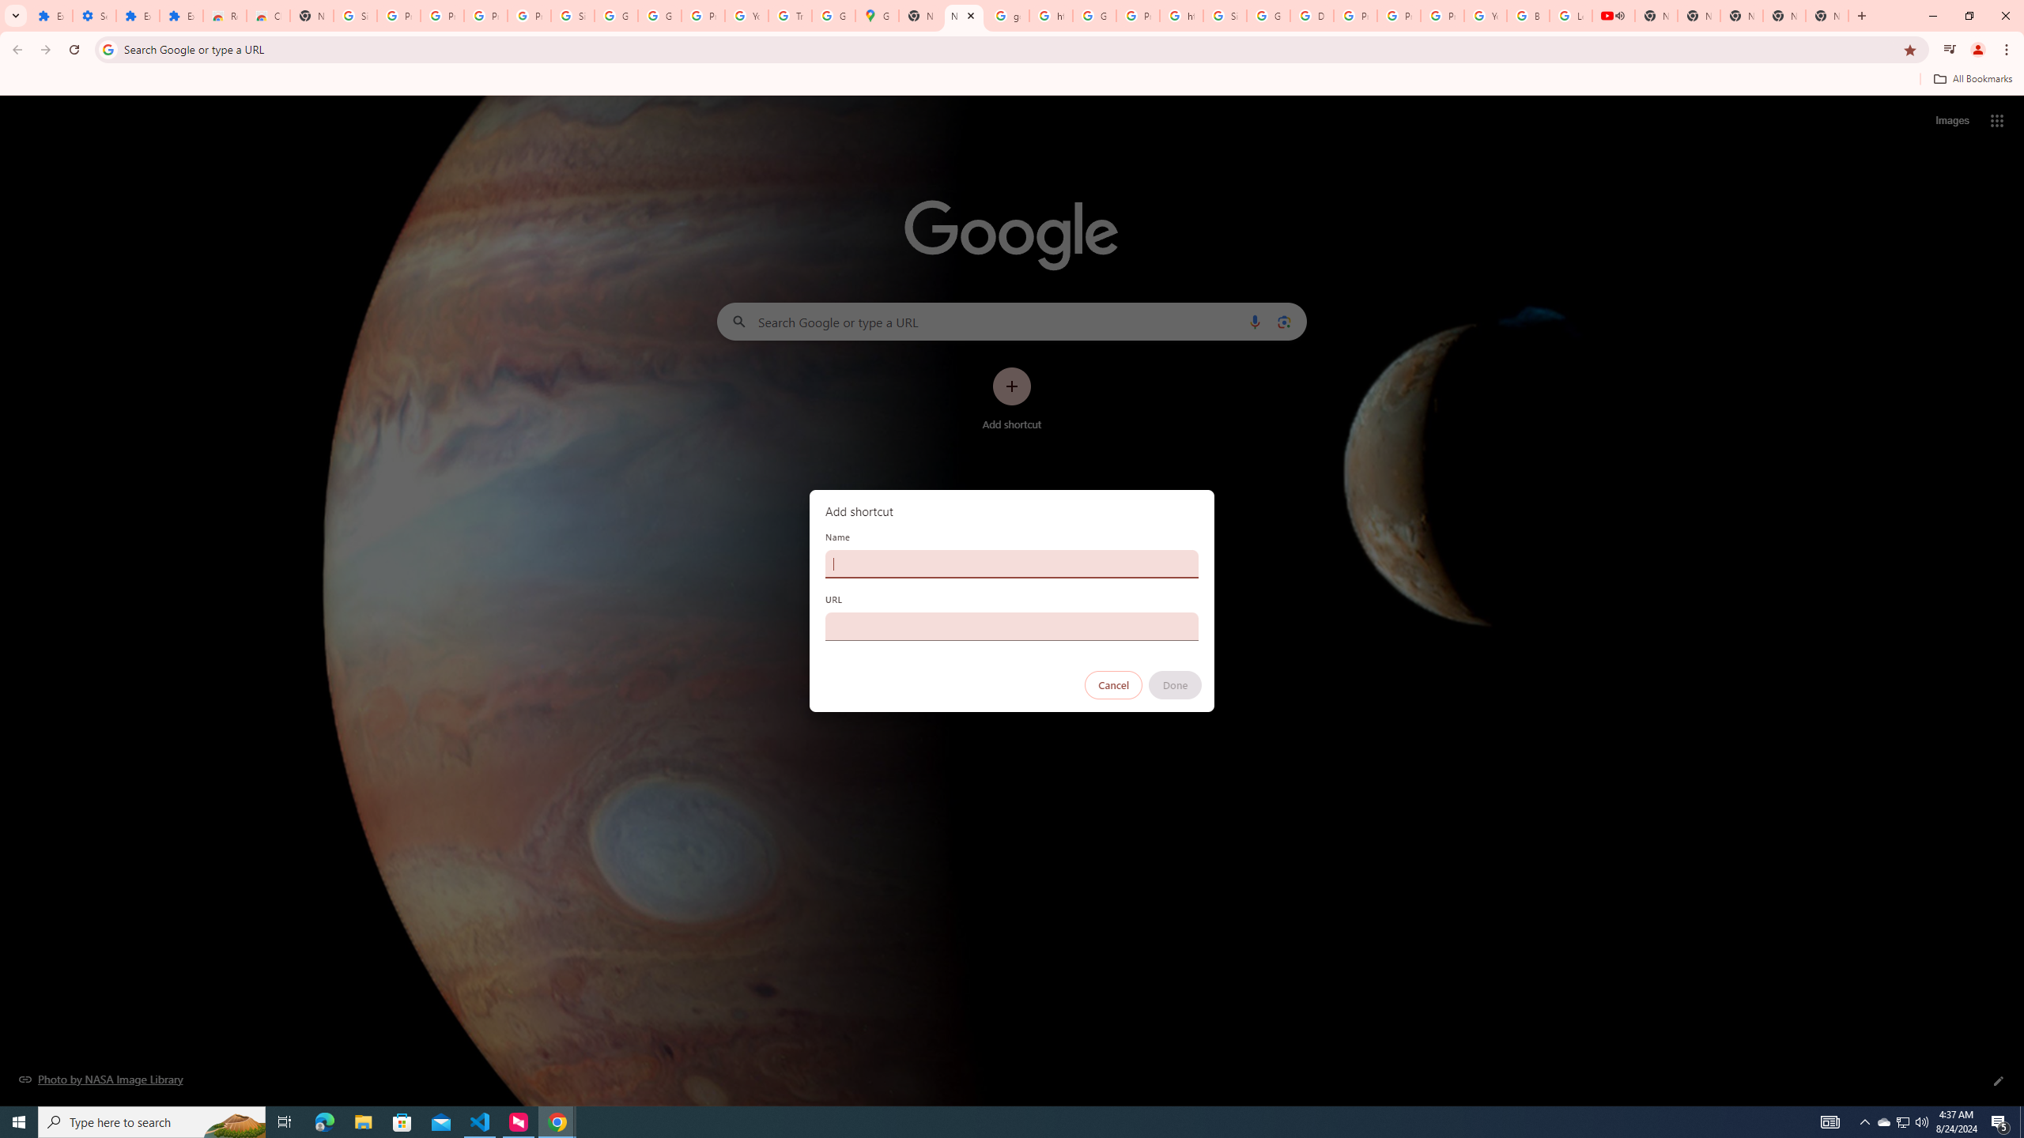 Image resolution: width=2024 pixels, height=1138 pixels. Describe the element at coordinates (267, 15) in the screenshot. I see `'Chrome Web Store - Themes'` at that location.